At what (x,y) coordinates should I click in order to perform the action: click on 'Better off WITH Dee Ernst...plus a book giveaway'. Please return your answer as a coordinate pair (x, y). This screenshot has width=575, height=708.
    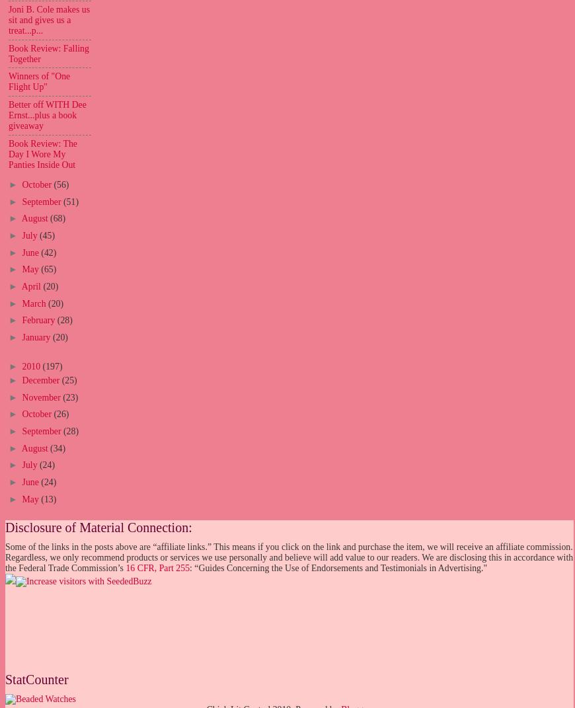
    Looking at the image, I should click on (46, 114).